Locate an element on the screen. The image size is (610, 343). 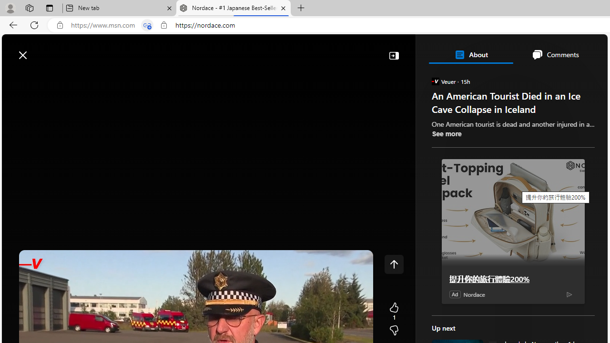
'Class: button-glyph' is located at coordinates (14, 77).